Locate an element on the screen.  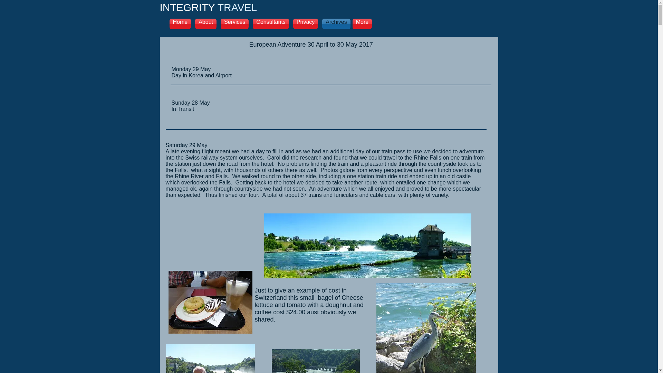
'Archives' is located at coordinates (335, 23).